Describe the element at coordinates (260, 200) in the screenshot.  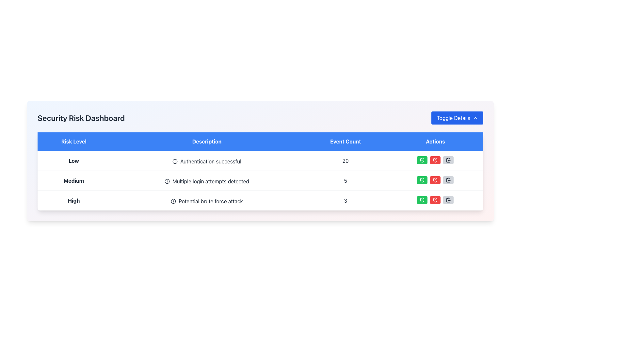
I see `the table row displaying the risk level 'High' with the description 'Potential brute force attack' and event count '3'` at that location.